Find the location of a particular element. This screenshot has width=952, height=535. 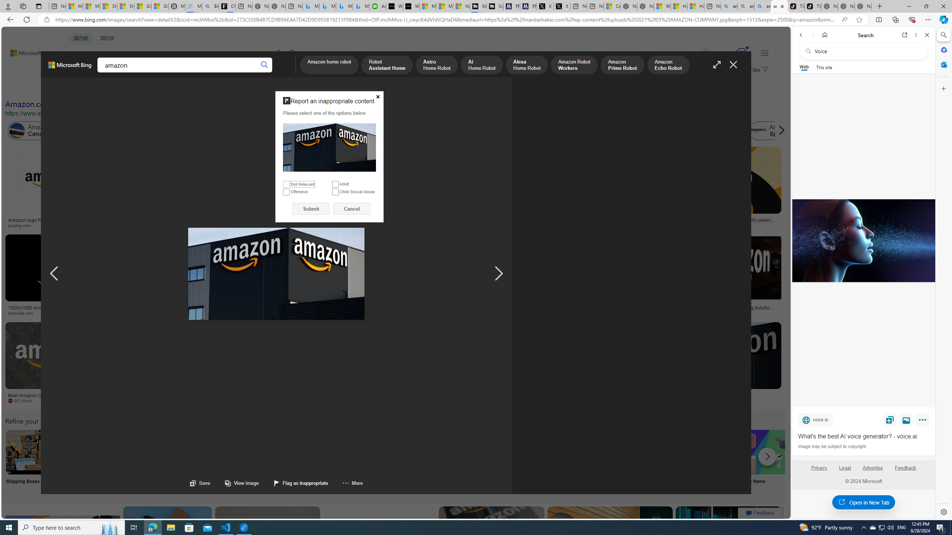

'Flag as inappropriate' is located at coordinates (301, 483).